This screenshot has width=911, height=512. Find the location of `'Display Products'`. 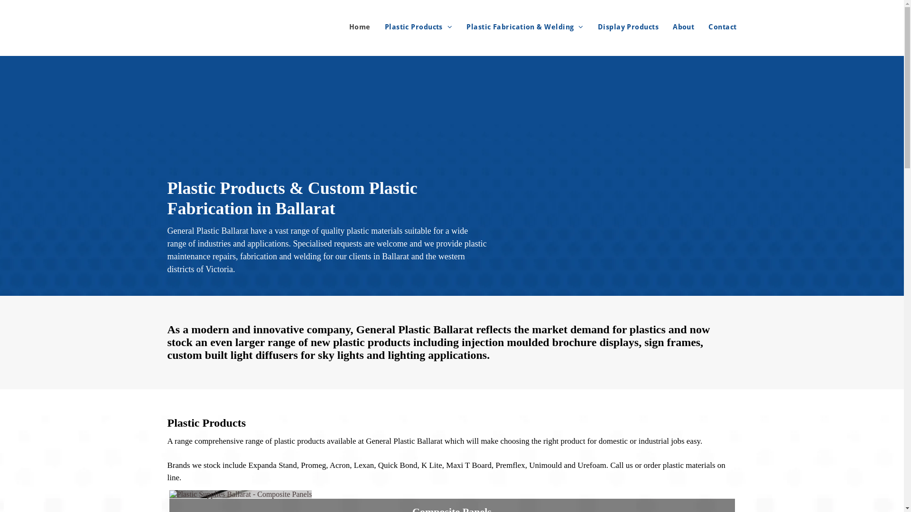

'Display Products' is located at coordinates (583, 27).